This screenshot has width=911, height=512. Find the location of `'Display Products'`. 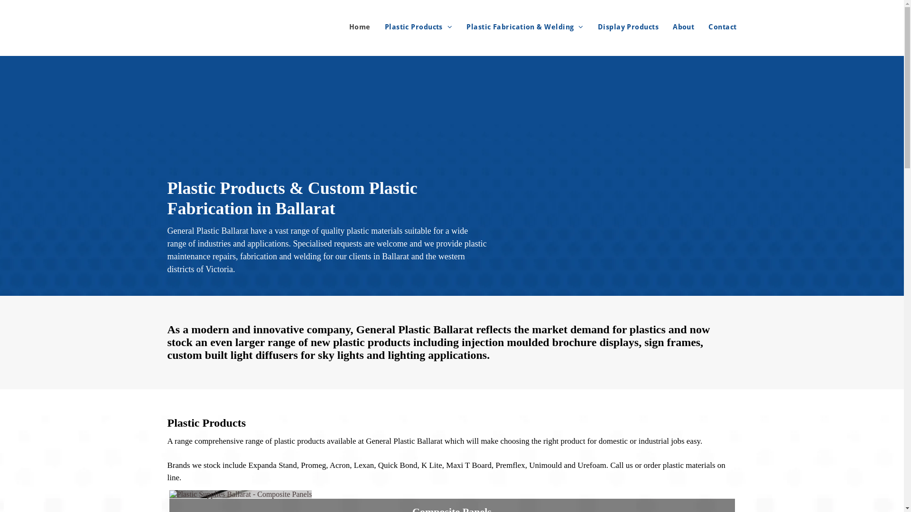

'Display Products' is located at coordinates (583, 27).